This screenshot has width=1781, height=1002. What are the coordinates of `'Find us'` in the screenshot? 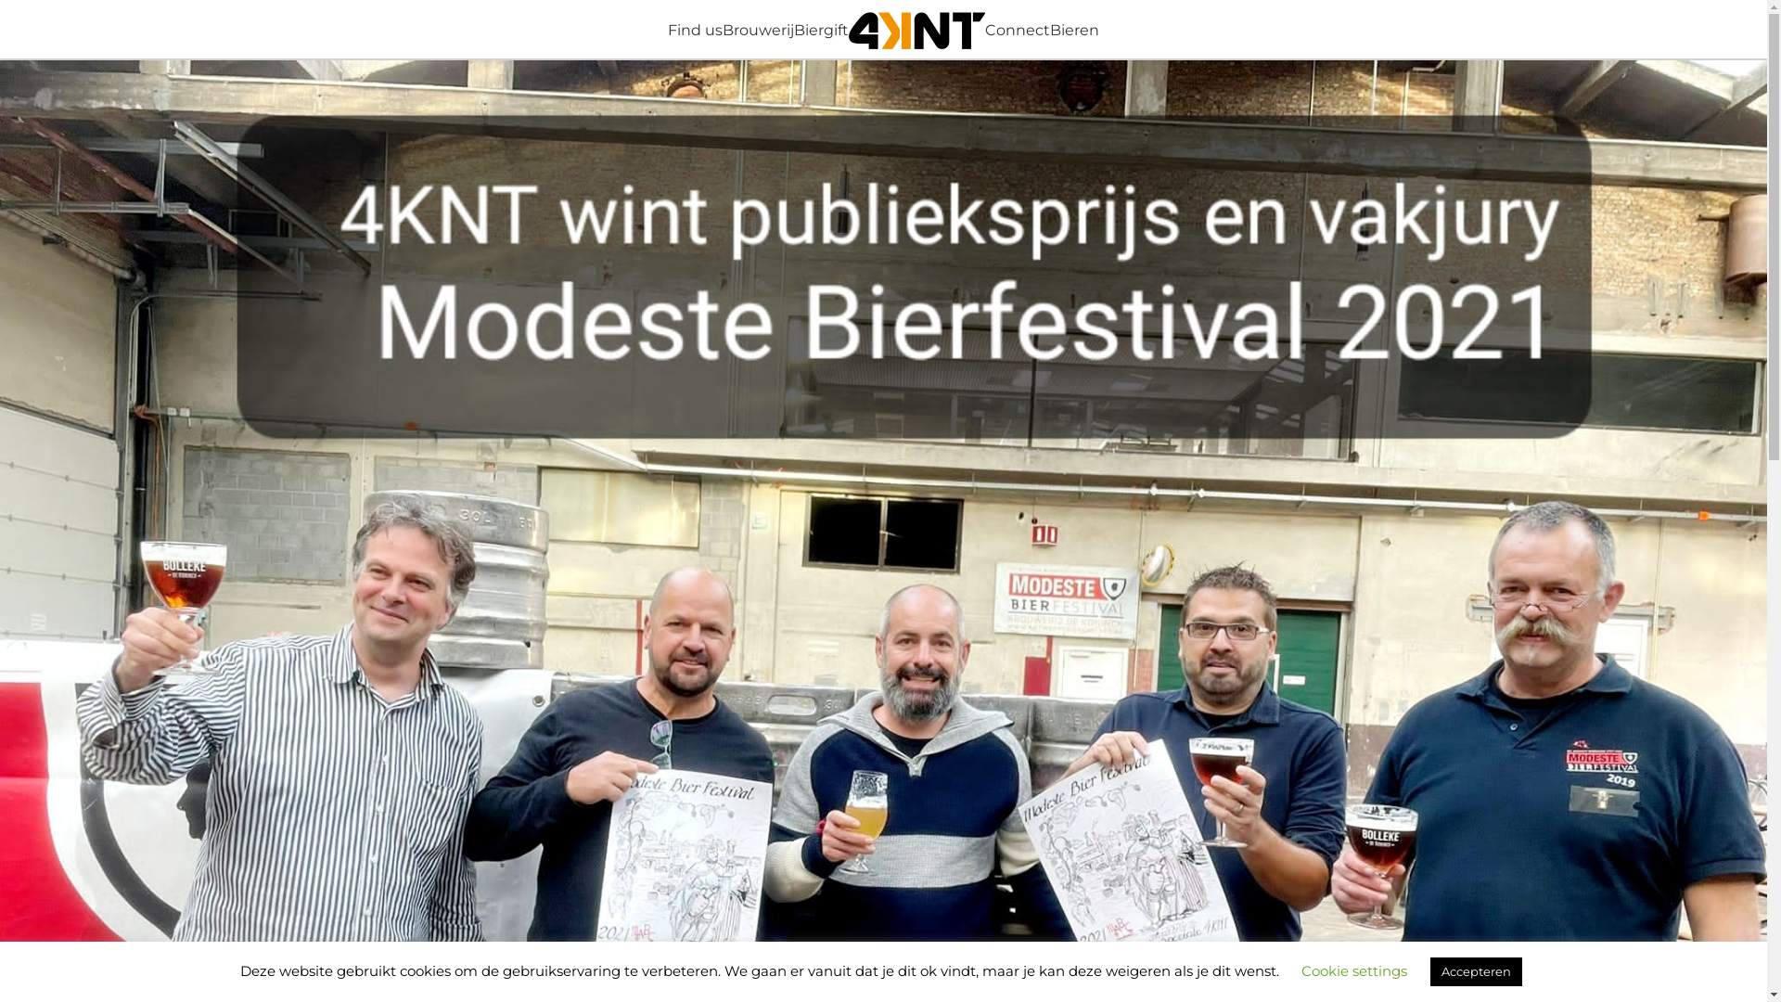 It's located at (694, 29).